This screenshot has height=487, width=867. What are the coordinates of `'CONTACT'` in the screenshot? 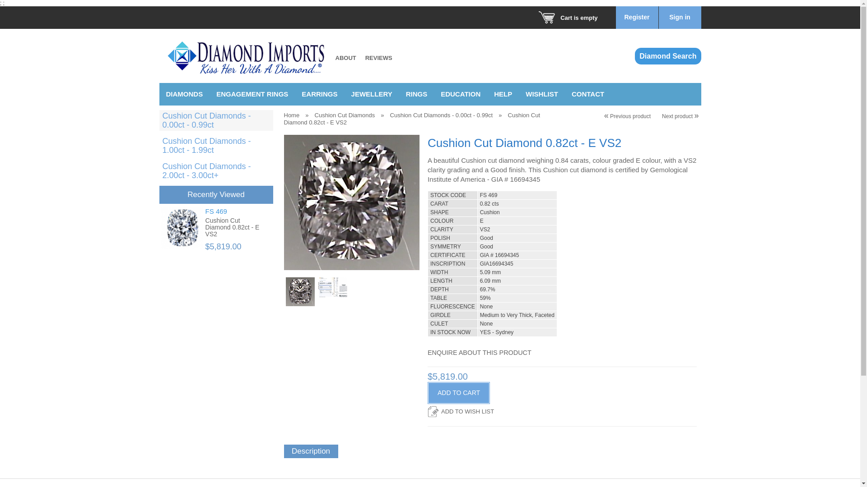 It's located at (587, 94).